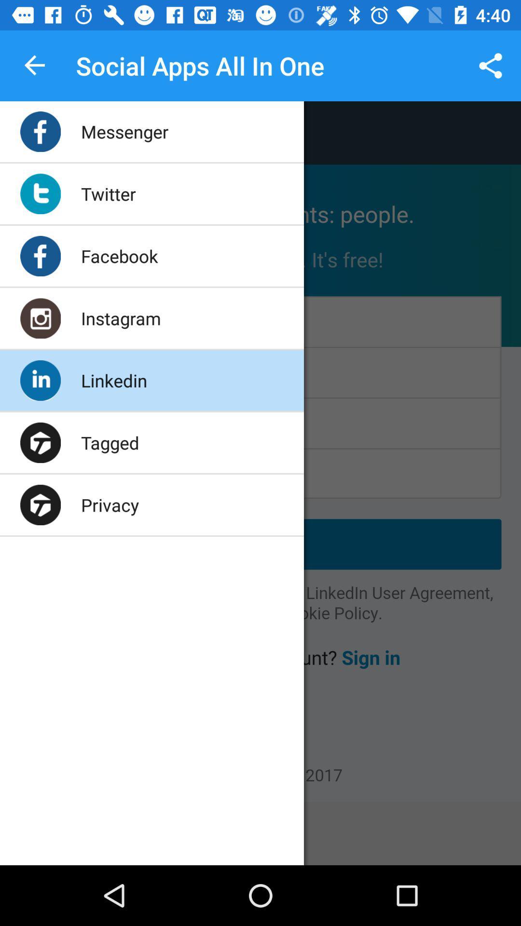  I want to click on the messenger item, so click(124, 131).